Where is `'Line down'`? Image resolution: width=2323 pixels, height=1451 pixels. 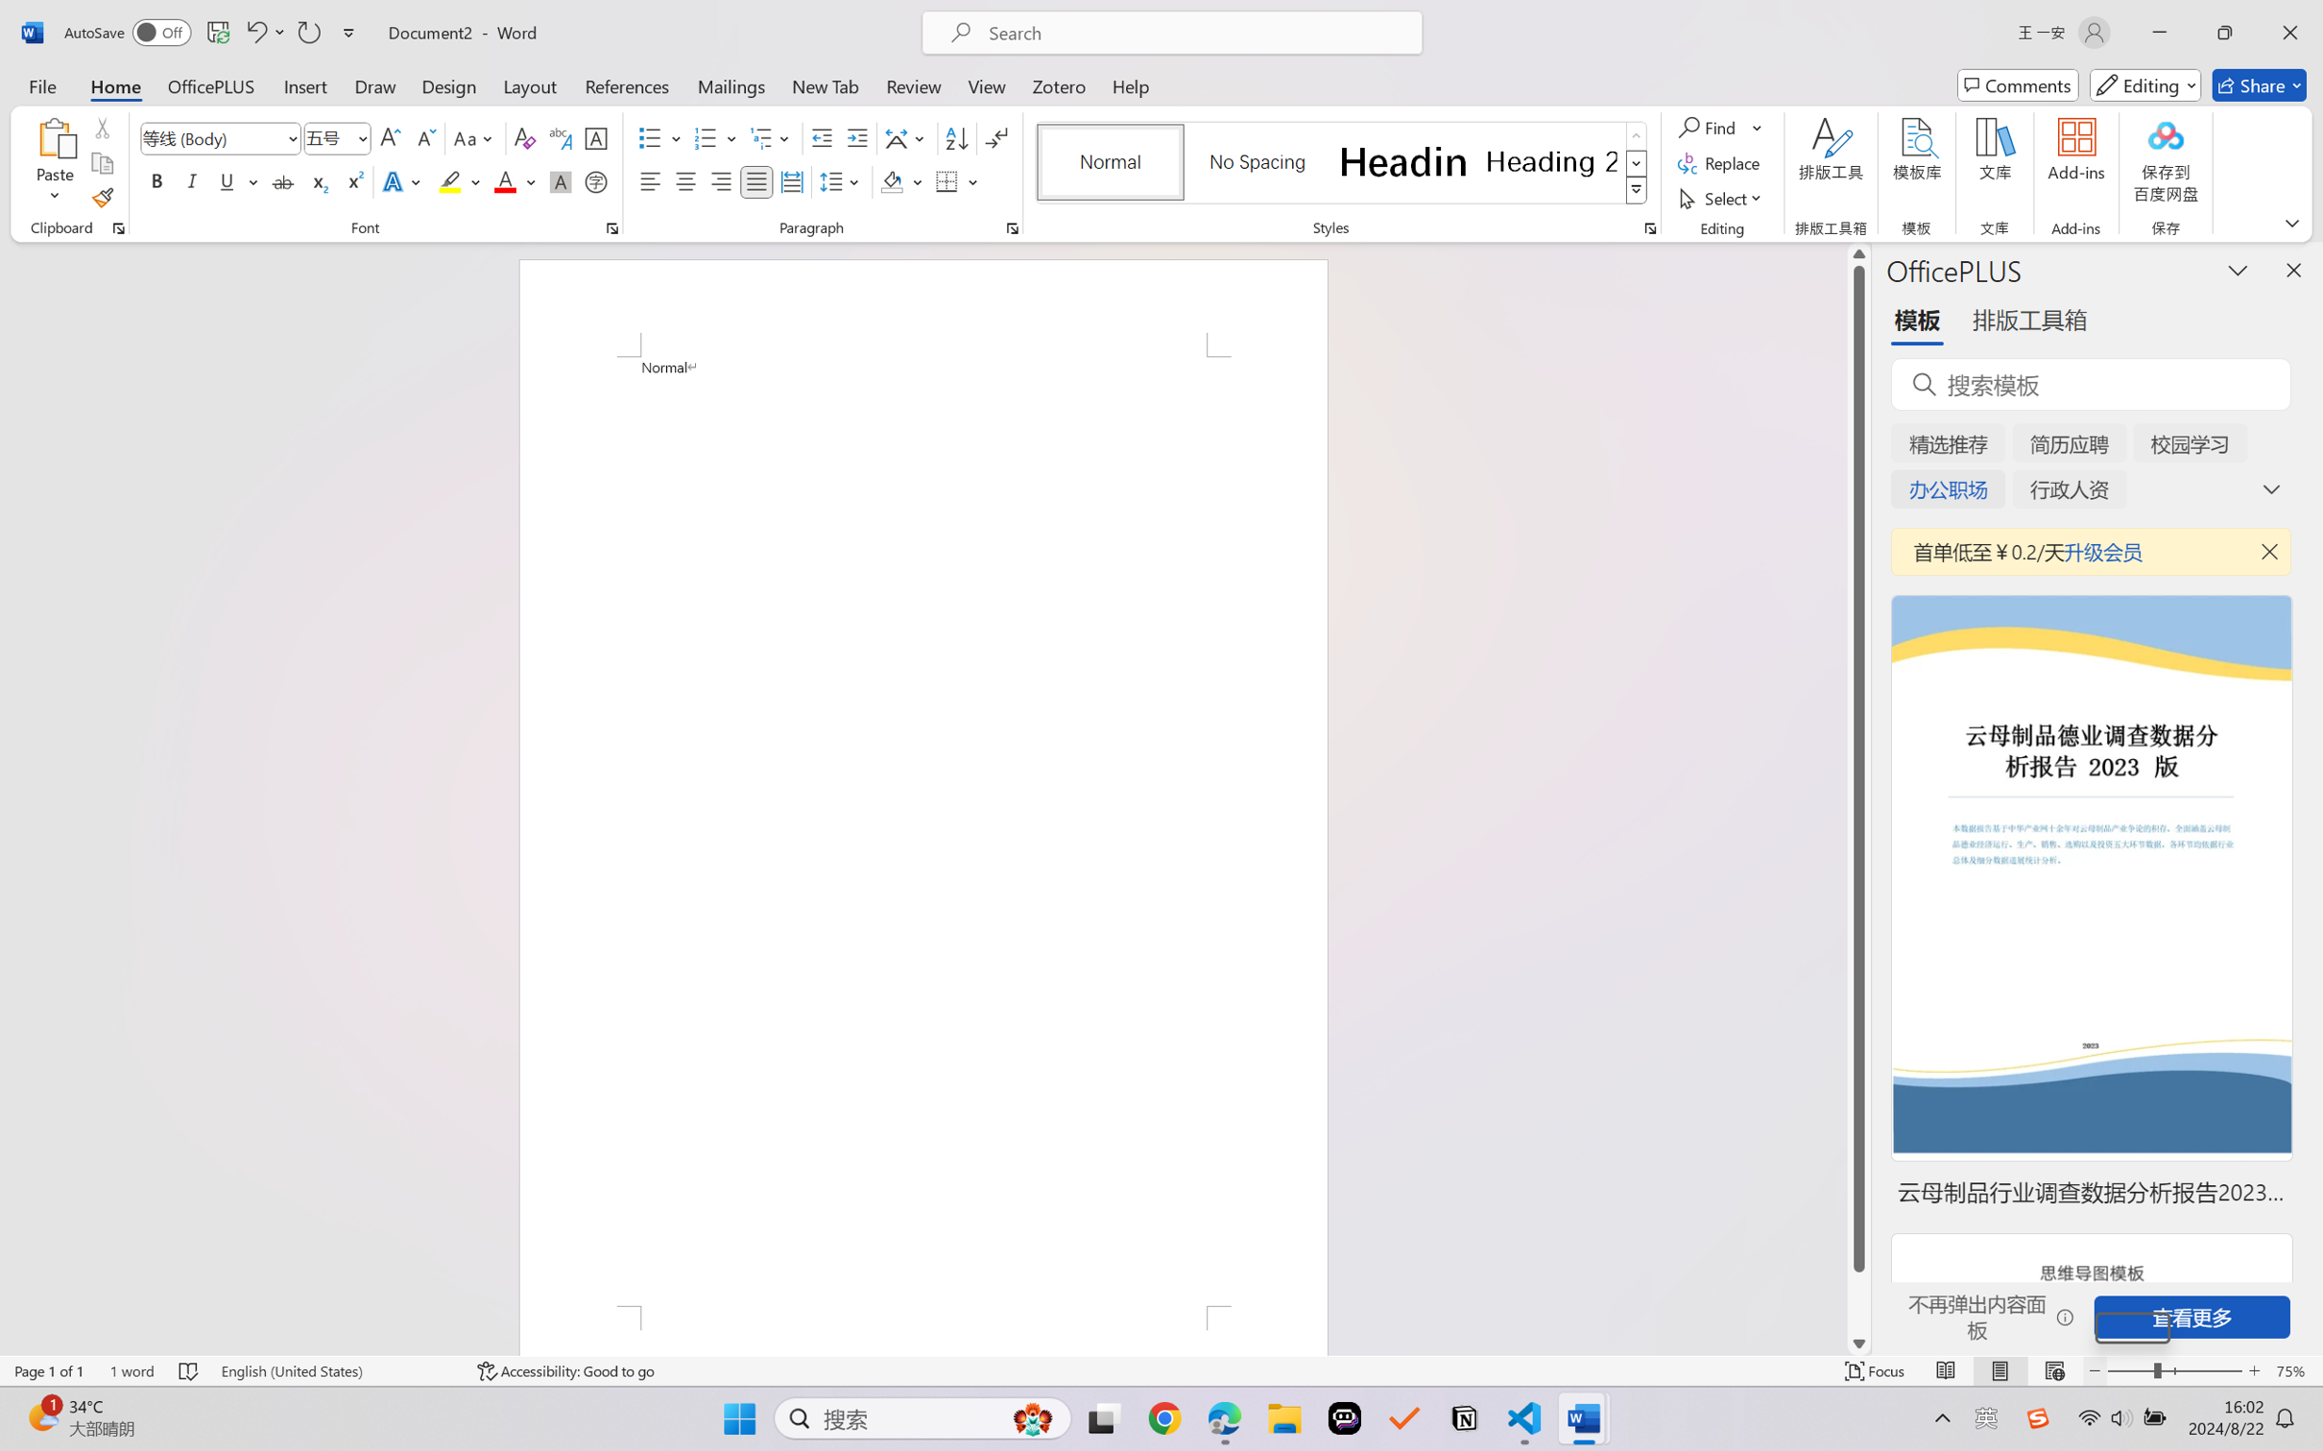 'Line down' is located at coordinates (1858, 1343).